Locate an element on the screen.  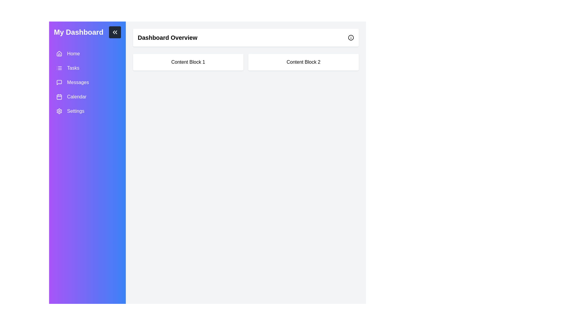
the circular 'info' icon located in the upper right section of the main interface, adjacent to the 'Dashboard Overview' header is located at coordinates (351, 37).